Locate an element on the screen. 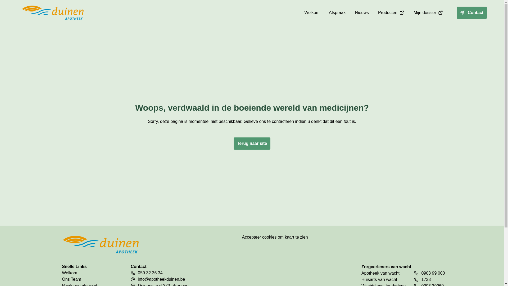 The height and width of the screenshot is (286, 508). 'Terug naar site' is located at coordinates (252, 144).